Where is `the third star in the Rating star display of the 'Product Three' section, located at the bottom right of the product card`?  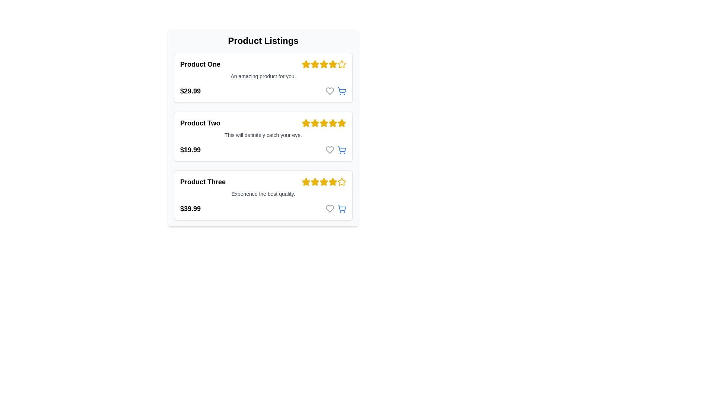 the third star in the Rating star display of the 'Product Three' section, located at the bottom right of the product card is located at coordinates (324, 182).